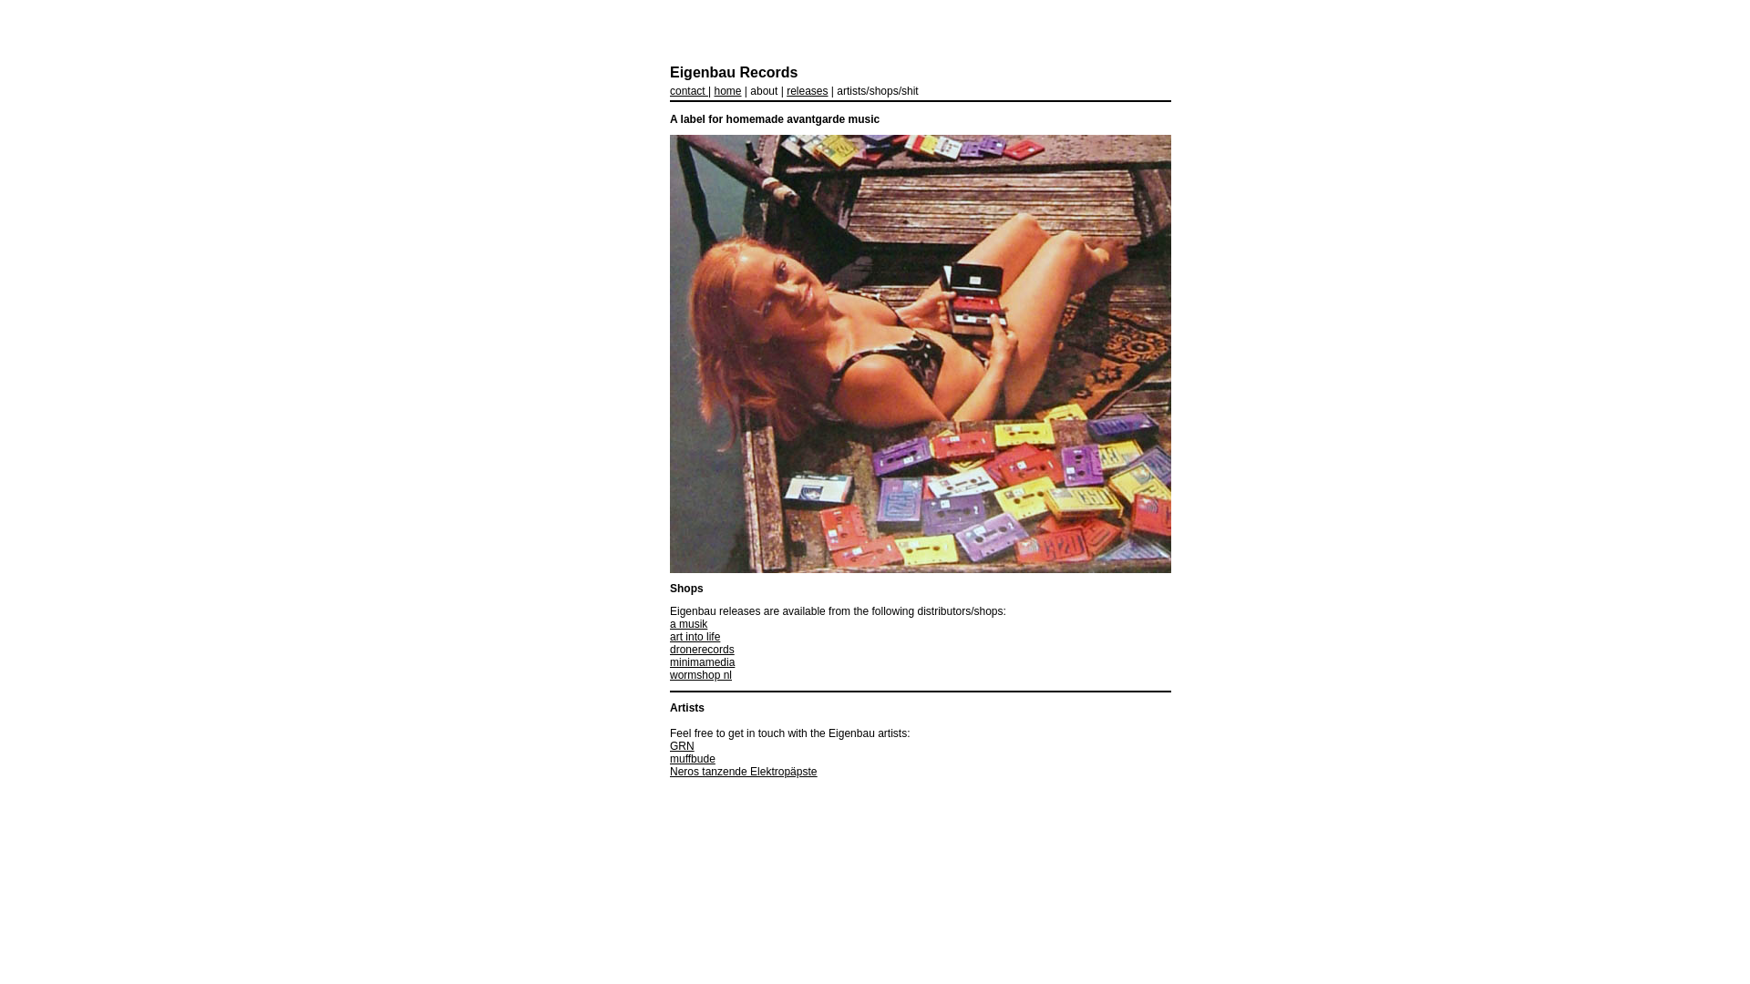  What do you see at coordinates (701, 649) in the screenshot?
I see `'dronerecords'` at bounding box center [701, 649].